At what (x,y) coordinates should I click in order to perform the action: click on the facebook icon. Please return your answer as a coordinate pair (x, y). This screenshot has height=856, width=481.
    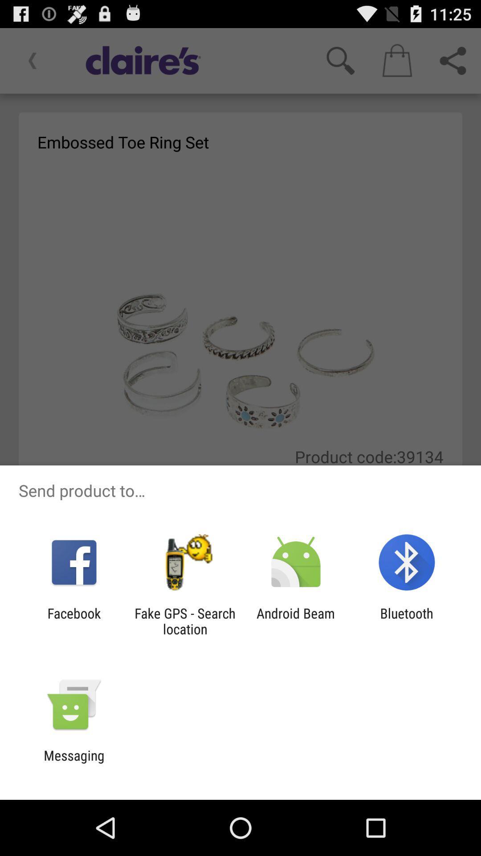
    Looking at the image, I should click on (73, 621).